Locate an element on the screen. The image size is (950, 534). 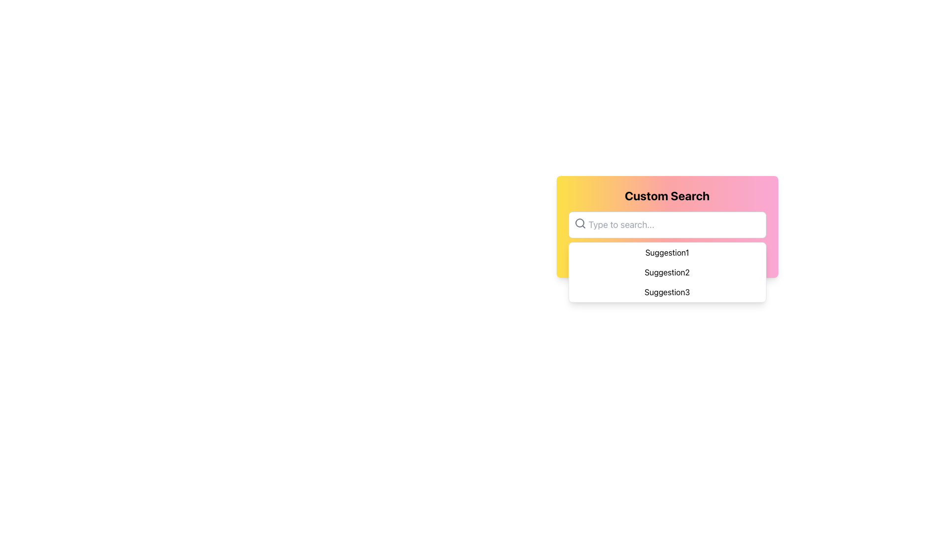
to select the highlighted suggestion 'Suggestion2' from the white suggestion dropdown menu located beneath the search input field is located at coordinates (667, 272).